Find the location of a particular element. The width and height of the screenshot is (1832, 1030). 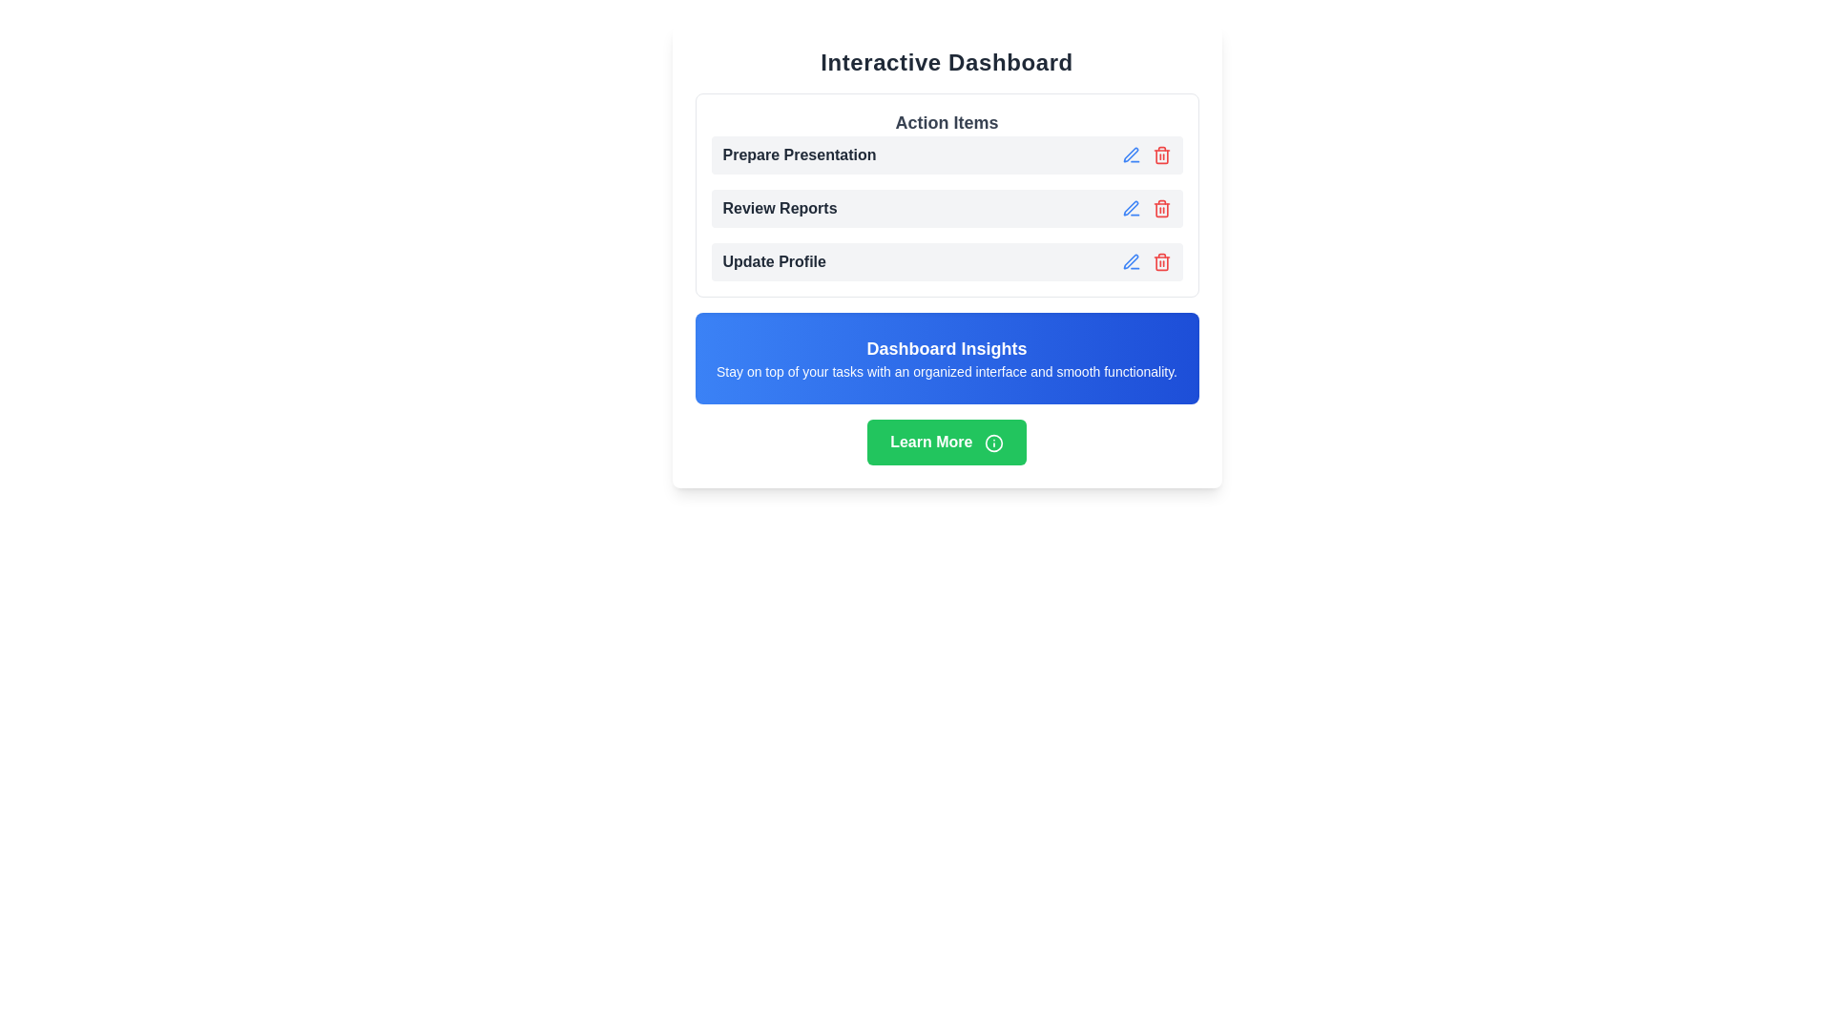

the green 'Learn More' button with rounded edges located below the 'Dashboard Insights' section is located at coordinates (947, 442).